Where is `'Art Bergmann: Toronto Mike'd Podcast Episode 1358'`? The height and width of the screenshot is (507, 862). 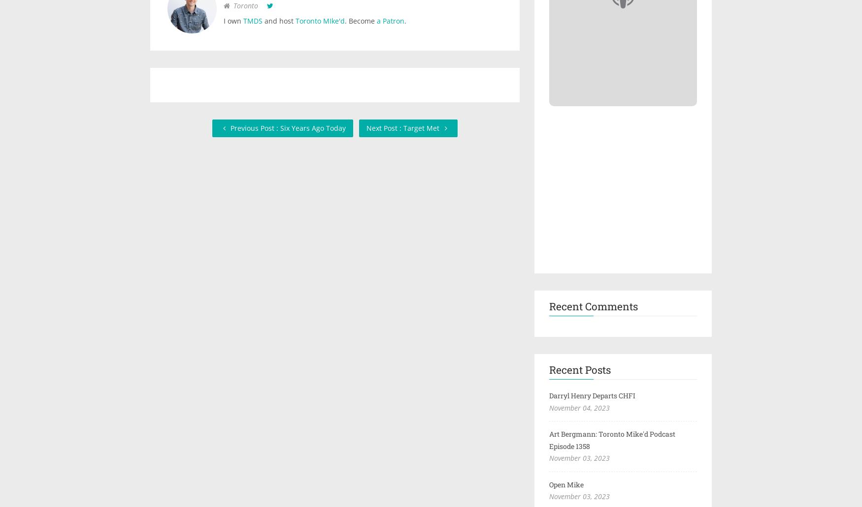
'Art Bergmann: Toronto Mike'd Podcast Episode 1358' is located at coordinates (612, 440).